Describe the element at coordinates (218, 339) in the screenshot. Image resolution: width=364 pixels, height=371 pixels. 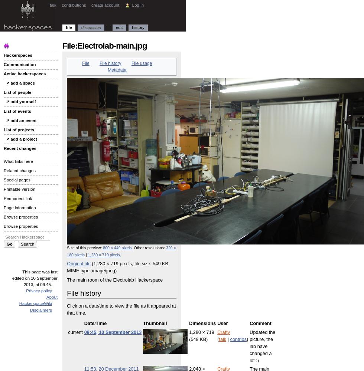
I see `'talk'` at that location.